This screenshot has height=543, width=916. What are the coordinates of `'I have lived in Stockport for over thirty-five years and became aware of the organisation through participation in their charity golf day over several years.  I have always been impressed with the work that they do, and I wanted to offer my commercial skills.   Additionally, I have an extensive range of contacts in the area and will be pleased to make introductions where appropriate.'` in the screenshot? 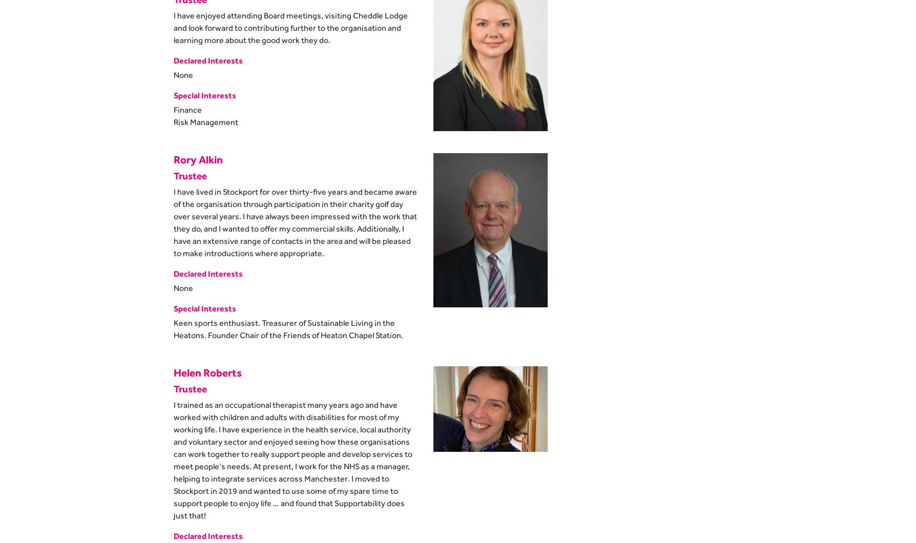 It's located at (295, 221).